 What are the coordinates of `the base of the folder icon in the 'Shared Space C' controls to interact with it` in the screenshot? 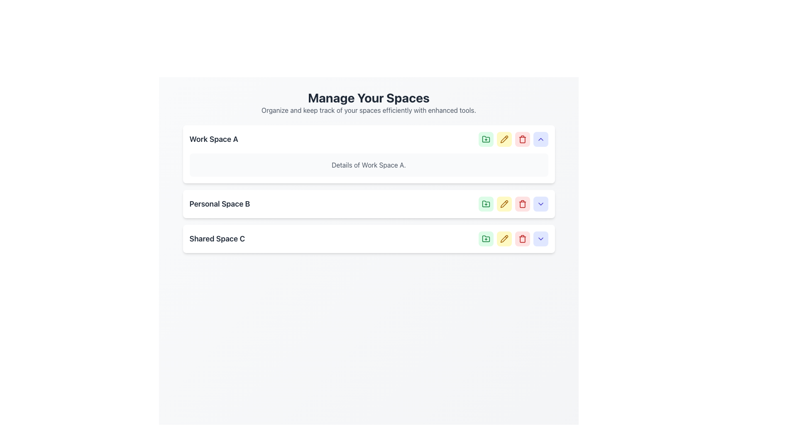 It's located at (486, 239).